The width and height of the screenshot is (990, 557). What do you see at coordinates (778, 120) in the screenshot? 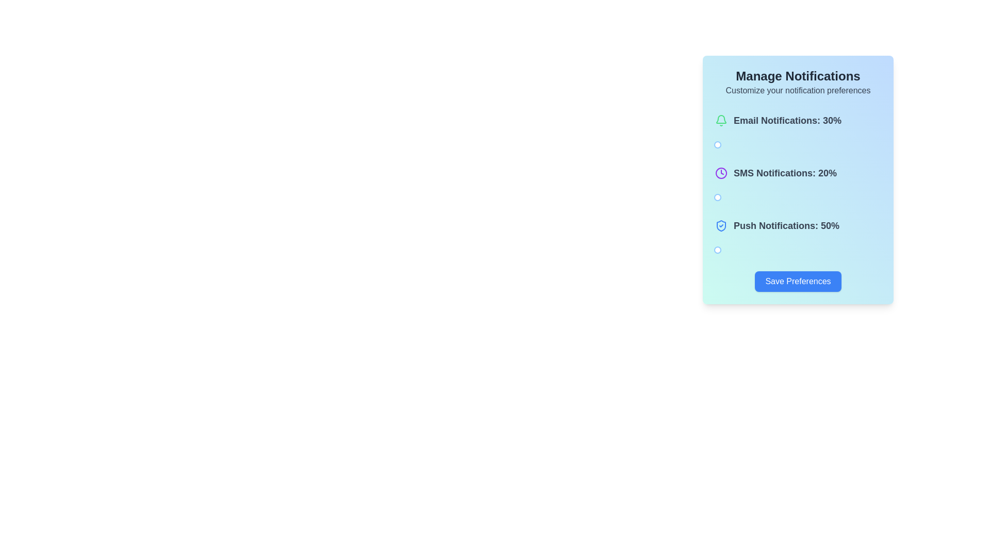
I see `the notification label with a green bell icon that displays 'Email Notifications: 30%' located below 'Manage Notifications'` at bounding box center [778, 120].